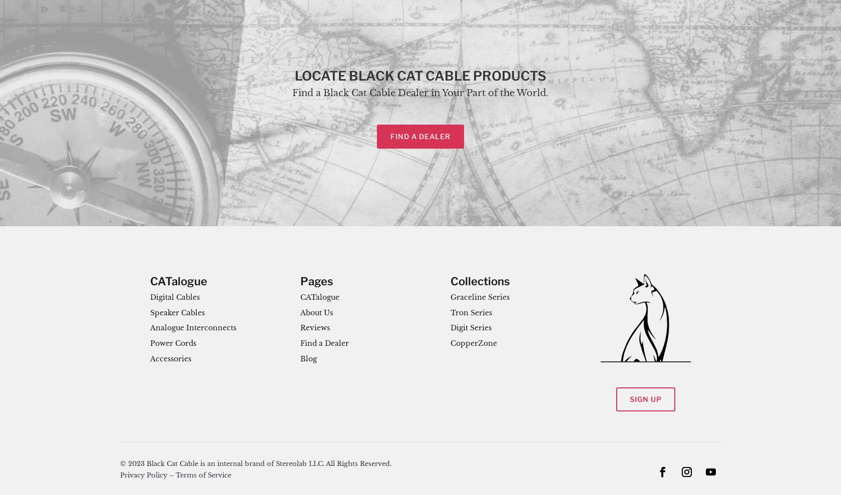 The image size is (841, 495). Describe the element at coordinates (317, 280) in the screenshot. I see `'Pages'` at that location.